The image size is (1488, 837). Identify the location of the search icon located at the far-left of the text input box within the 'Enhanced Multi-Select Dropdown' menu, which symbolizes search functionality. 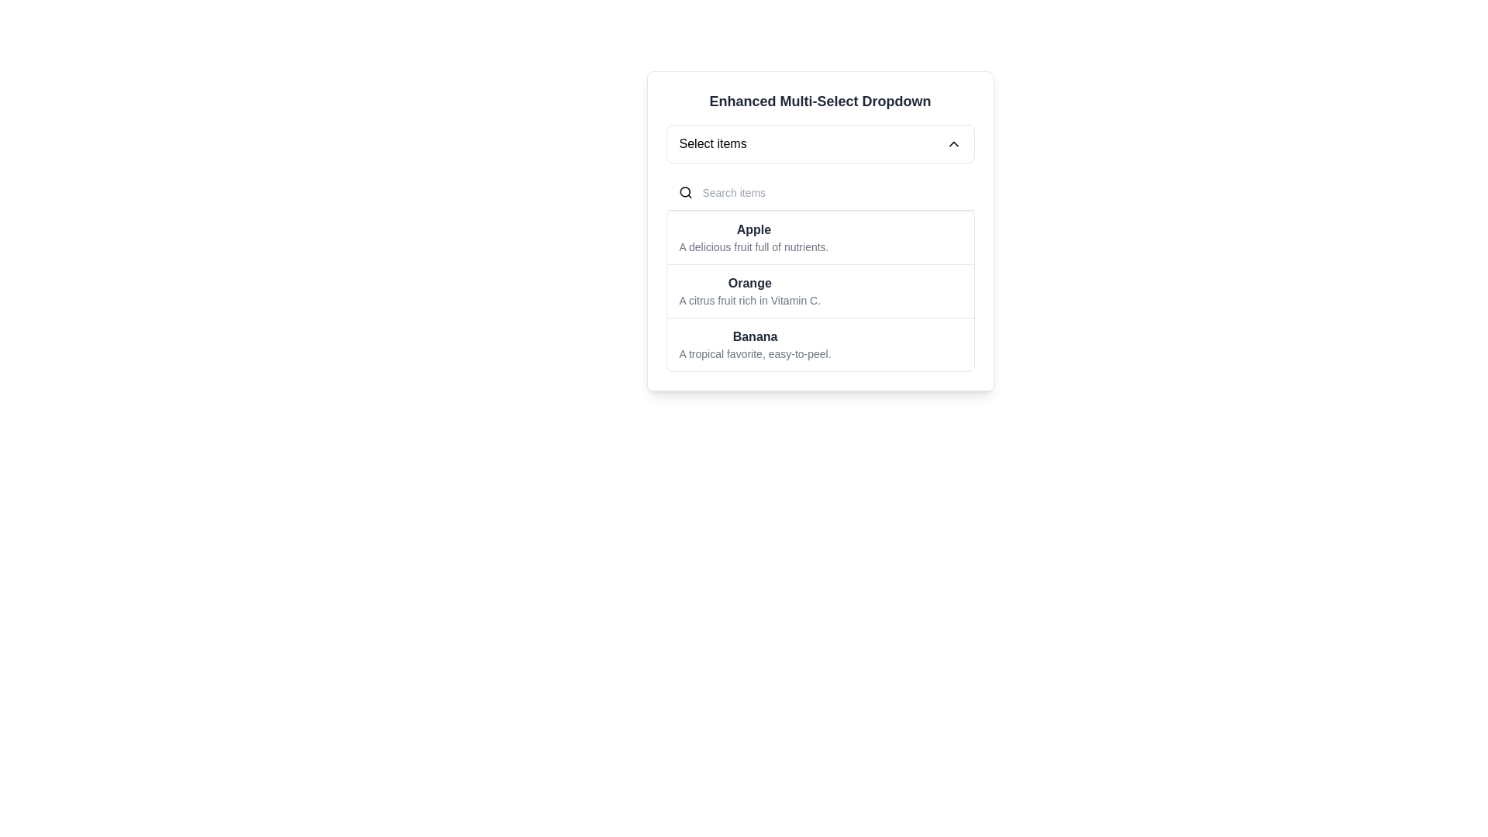
(684, 192).